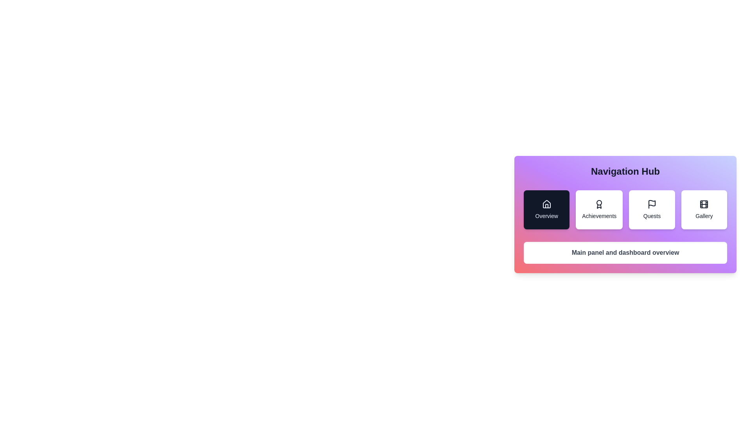 This screenshot has width=751, height=422. Describe the element at coordinates (599, 204) in the screenshot. I see `the award medal icon in the 'Achievements' section of the 'Navigation Hub', which is a circular badge with ribbon-like extensions, positioned in the second slot from the left` at that location.